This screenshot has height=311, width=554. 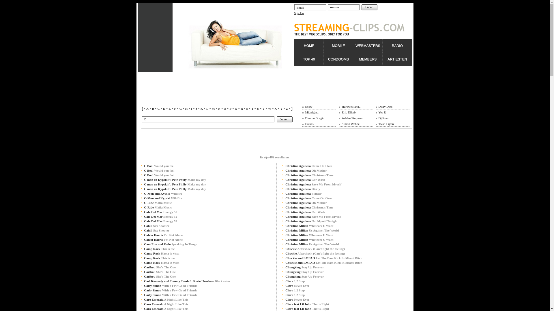 I want to click on 'Hardwell and...', so click(x=351, y=107).